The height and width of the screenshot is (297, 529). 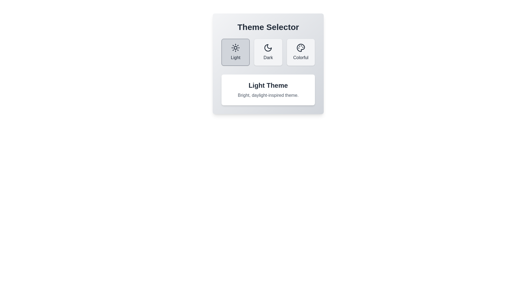 What do you see at coordinates (268, 57) in the screenshot?
I see `the label that indicates the button for selecting the dark theme, positioned centrally within the button group labeled 'Dark' in the 'Theme Selector' interface` at bounding box center [268, 57].